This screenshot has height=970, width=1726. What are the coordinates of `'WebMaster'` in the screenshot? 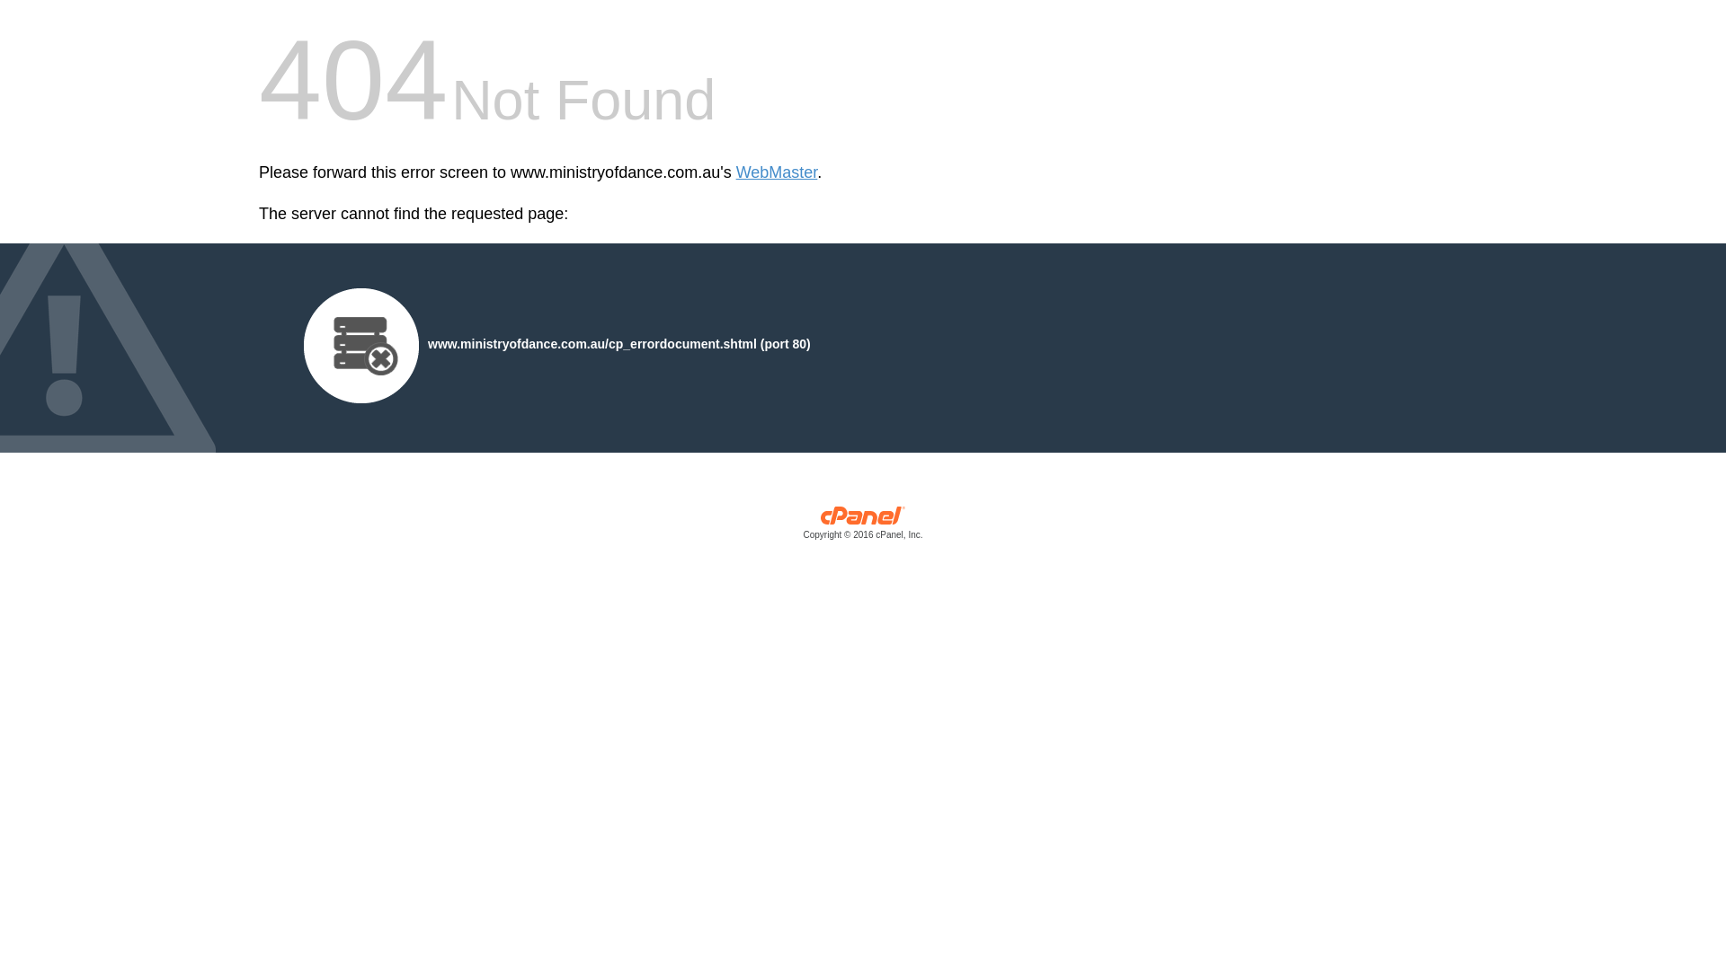 It's located at (777, 172).